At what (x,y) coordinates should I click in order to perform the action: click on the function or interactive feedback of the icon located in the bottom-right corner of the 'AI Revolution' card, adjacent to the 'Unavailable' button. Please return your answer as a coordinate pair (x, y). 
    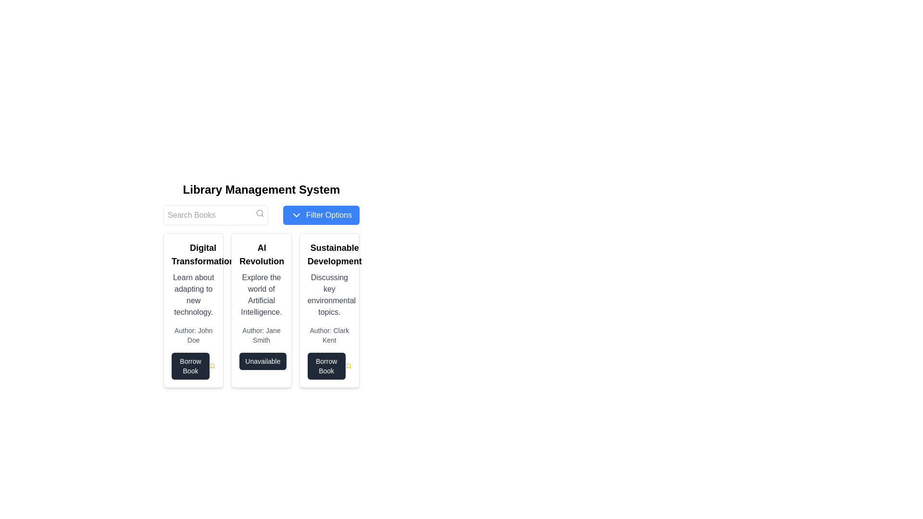
    Looking at the image, I should click on (291, 363).